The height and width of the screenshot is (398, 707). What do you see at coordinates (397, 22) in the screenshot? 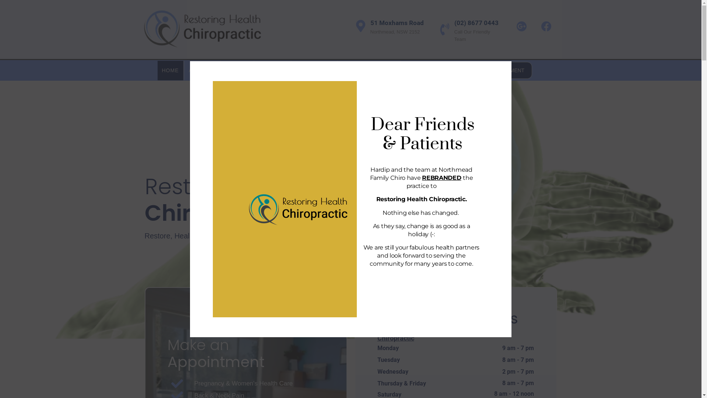
I see `'51 Moxhams Road'` at bounding box center [397, 22].